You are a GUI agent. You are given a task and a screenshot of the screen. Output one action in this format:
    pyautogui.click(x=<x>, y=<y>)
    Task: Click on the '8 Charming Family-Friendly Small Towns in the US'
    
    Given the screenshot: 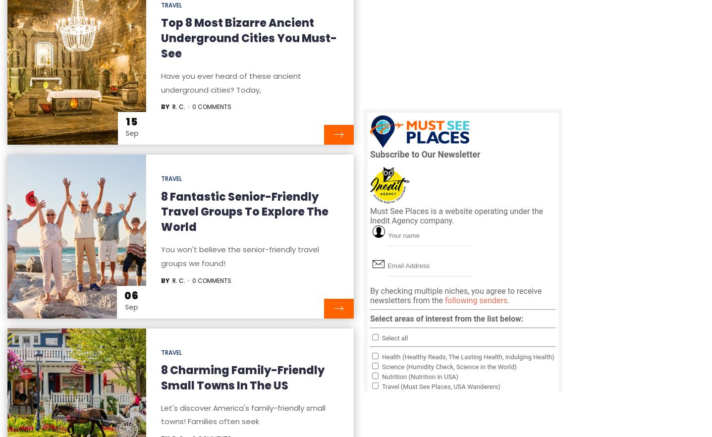 What is the action you would take?
    pyautogui.click(x=242, y=378)
    